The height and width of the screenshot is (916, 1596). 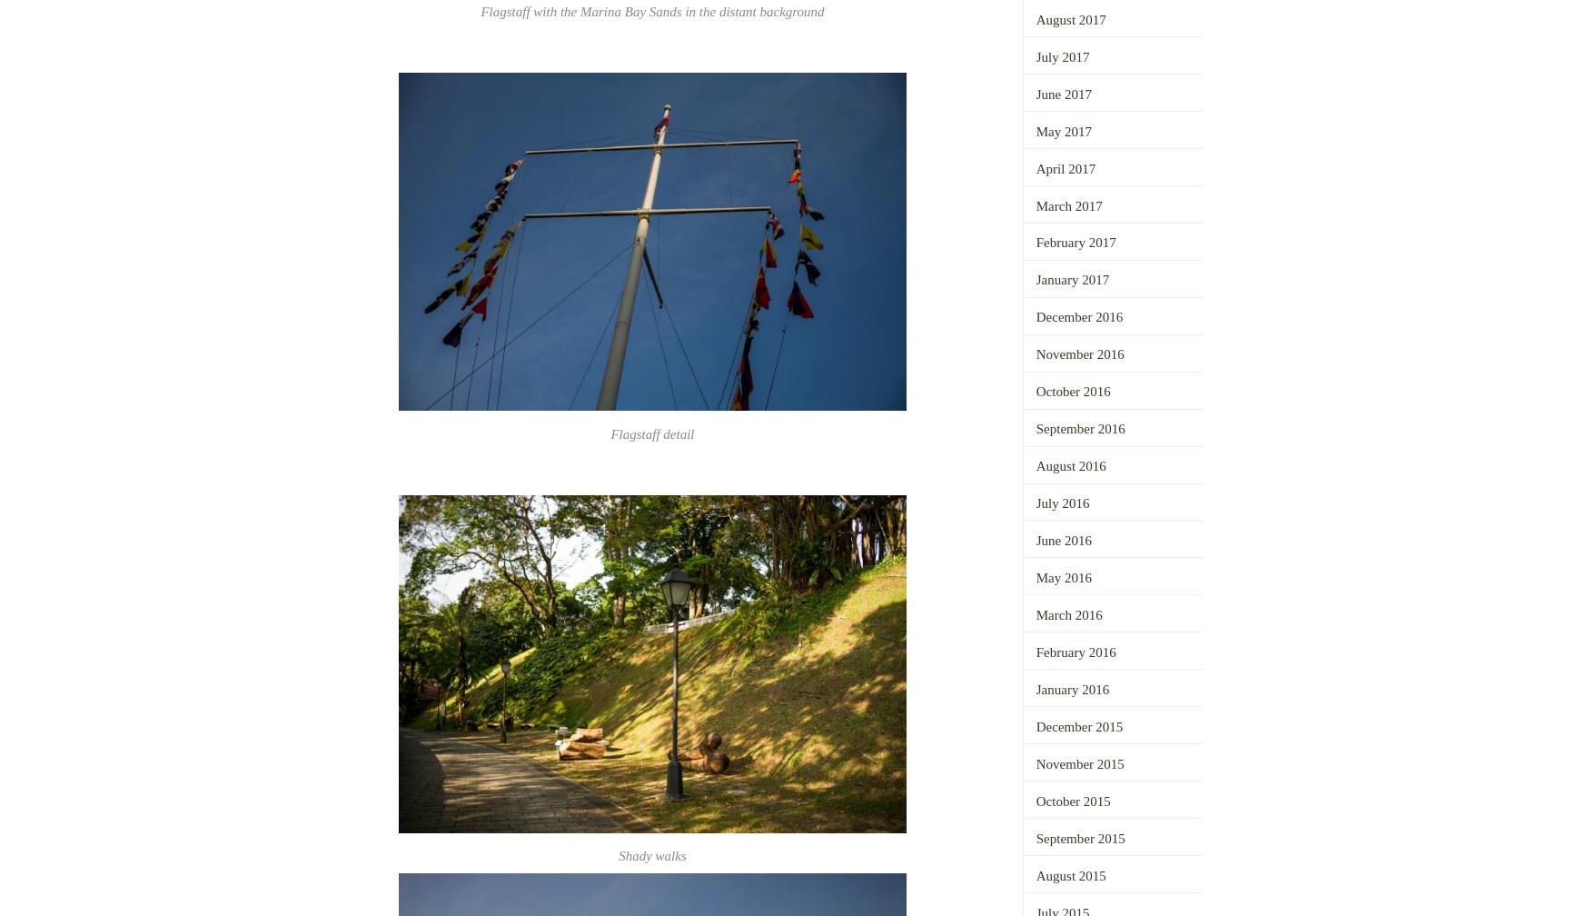 I want to click on 'August 2015', so click(x=1069, y=875).